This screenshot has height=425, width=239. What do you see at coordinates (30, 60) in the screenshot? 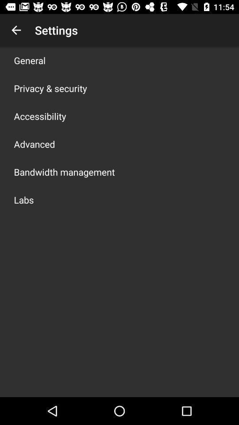
I see `general icon` at bounding box center [30, 60].